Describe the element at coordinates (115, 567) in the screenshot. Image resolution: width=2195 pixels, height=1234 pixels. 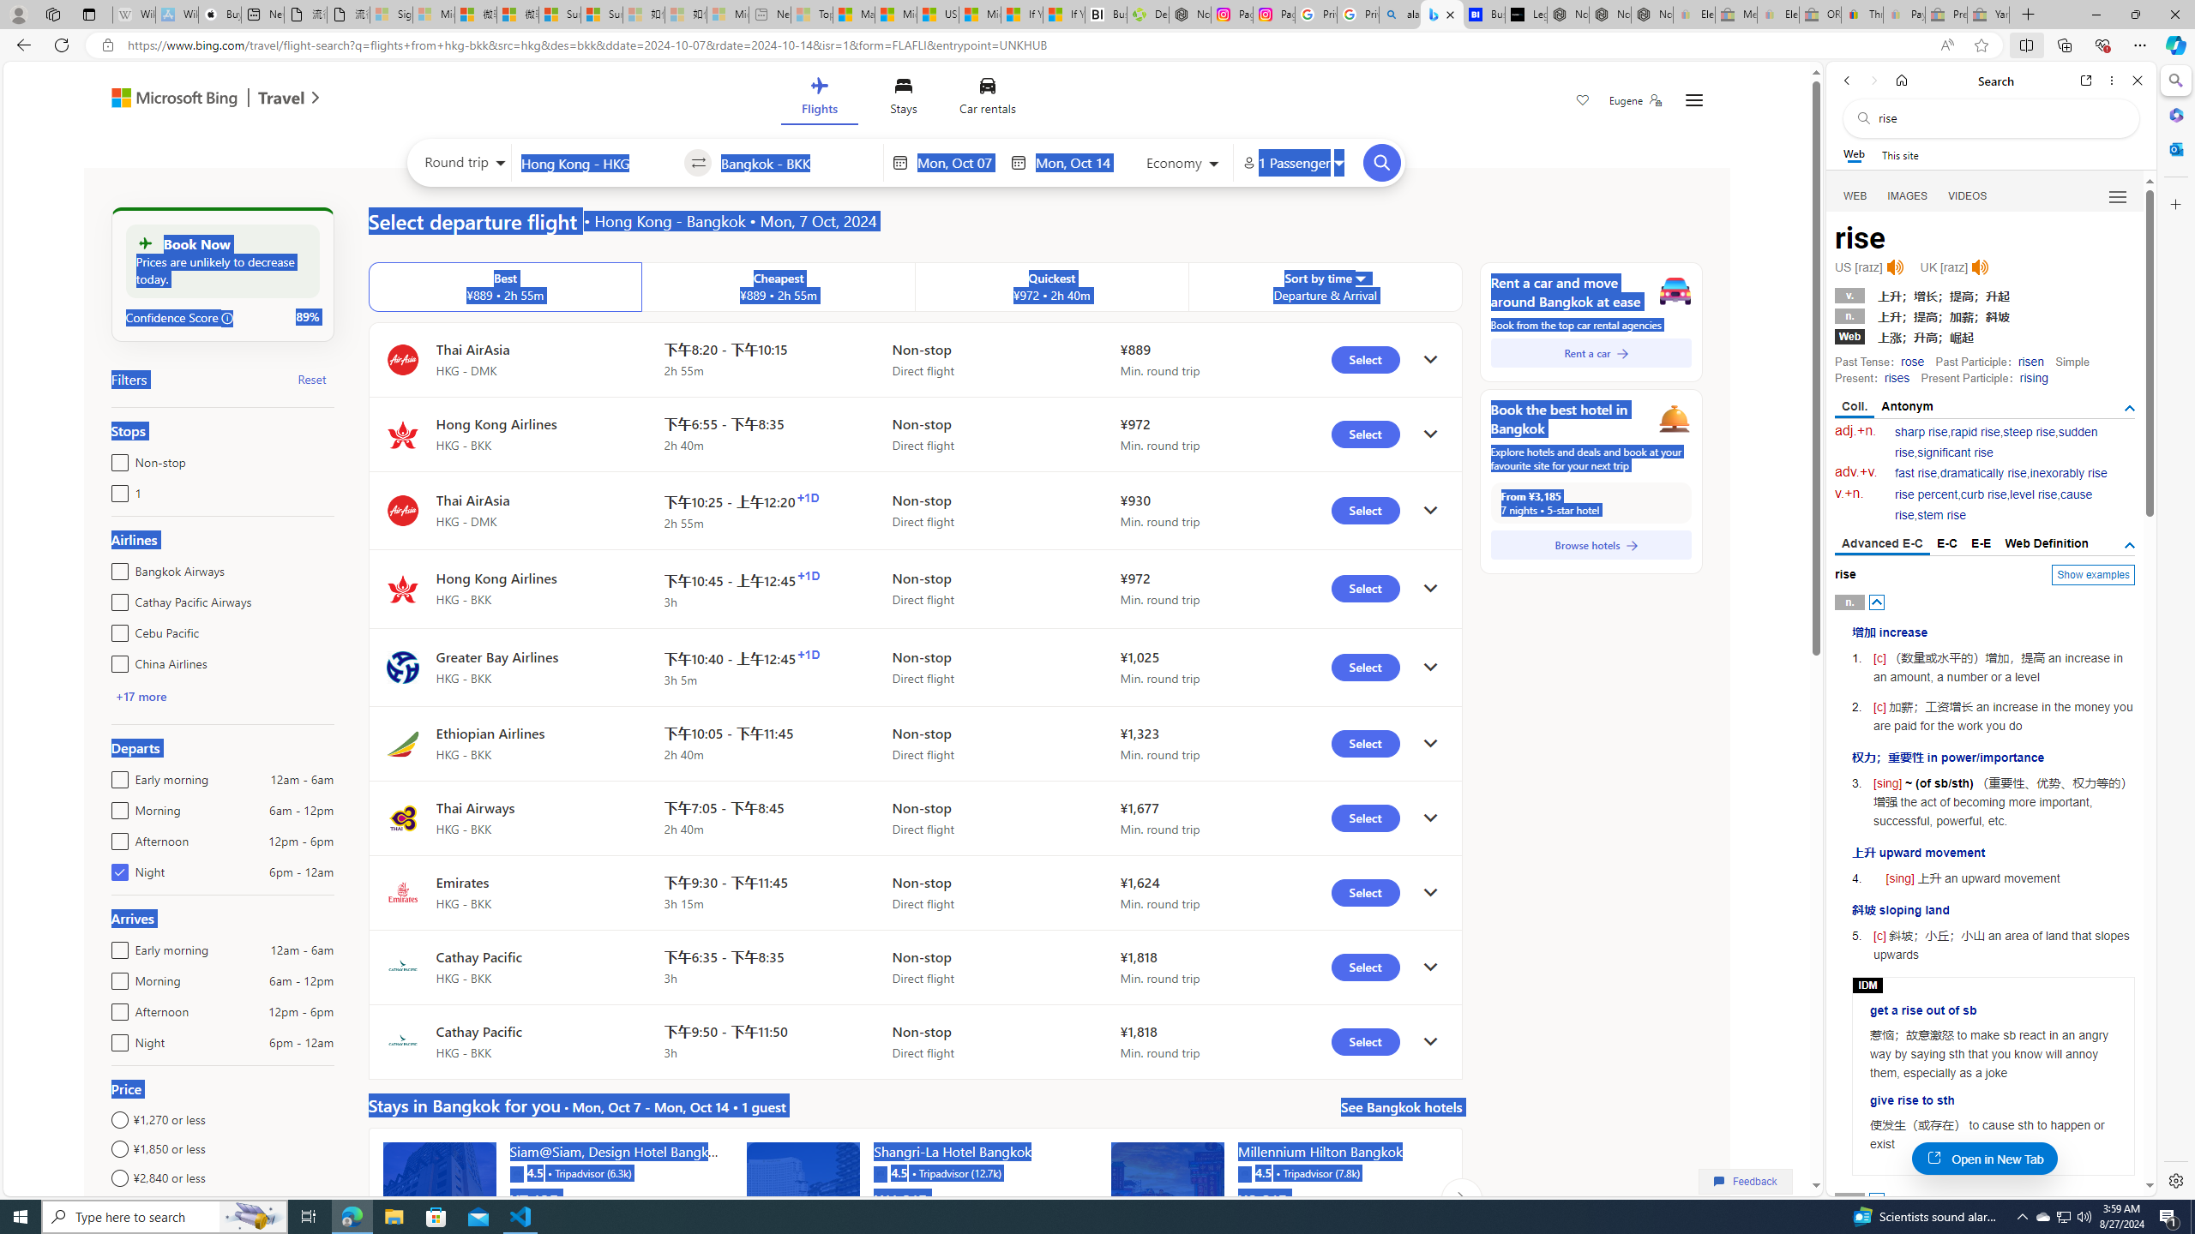
I see `'Bangkok Airways'` at that location.